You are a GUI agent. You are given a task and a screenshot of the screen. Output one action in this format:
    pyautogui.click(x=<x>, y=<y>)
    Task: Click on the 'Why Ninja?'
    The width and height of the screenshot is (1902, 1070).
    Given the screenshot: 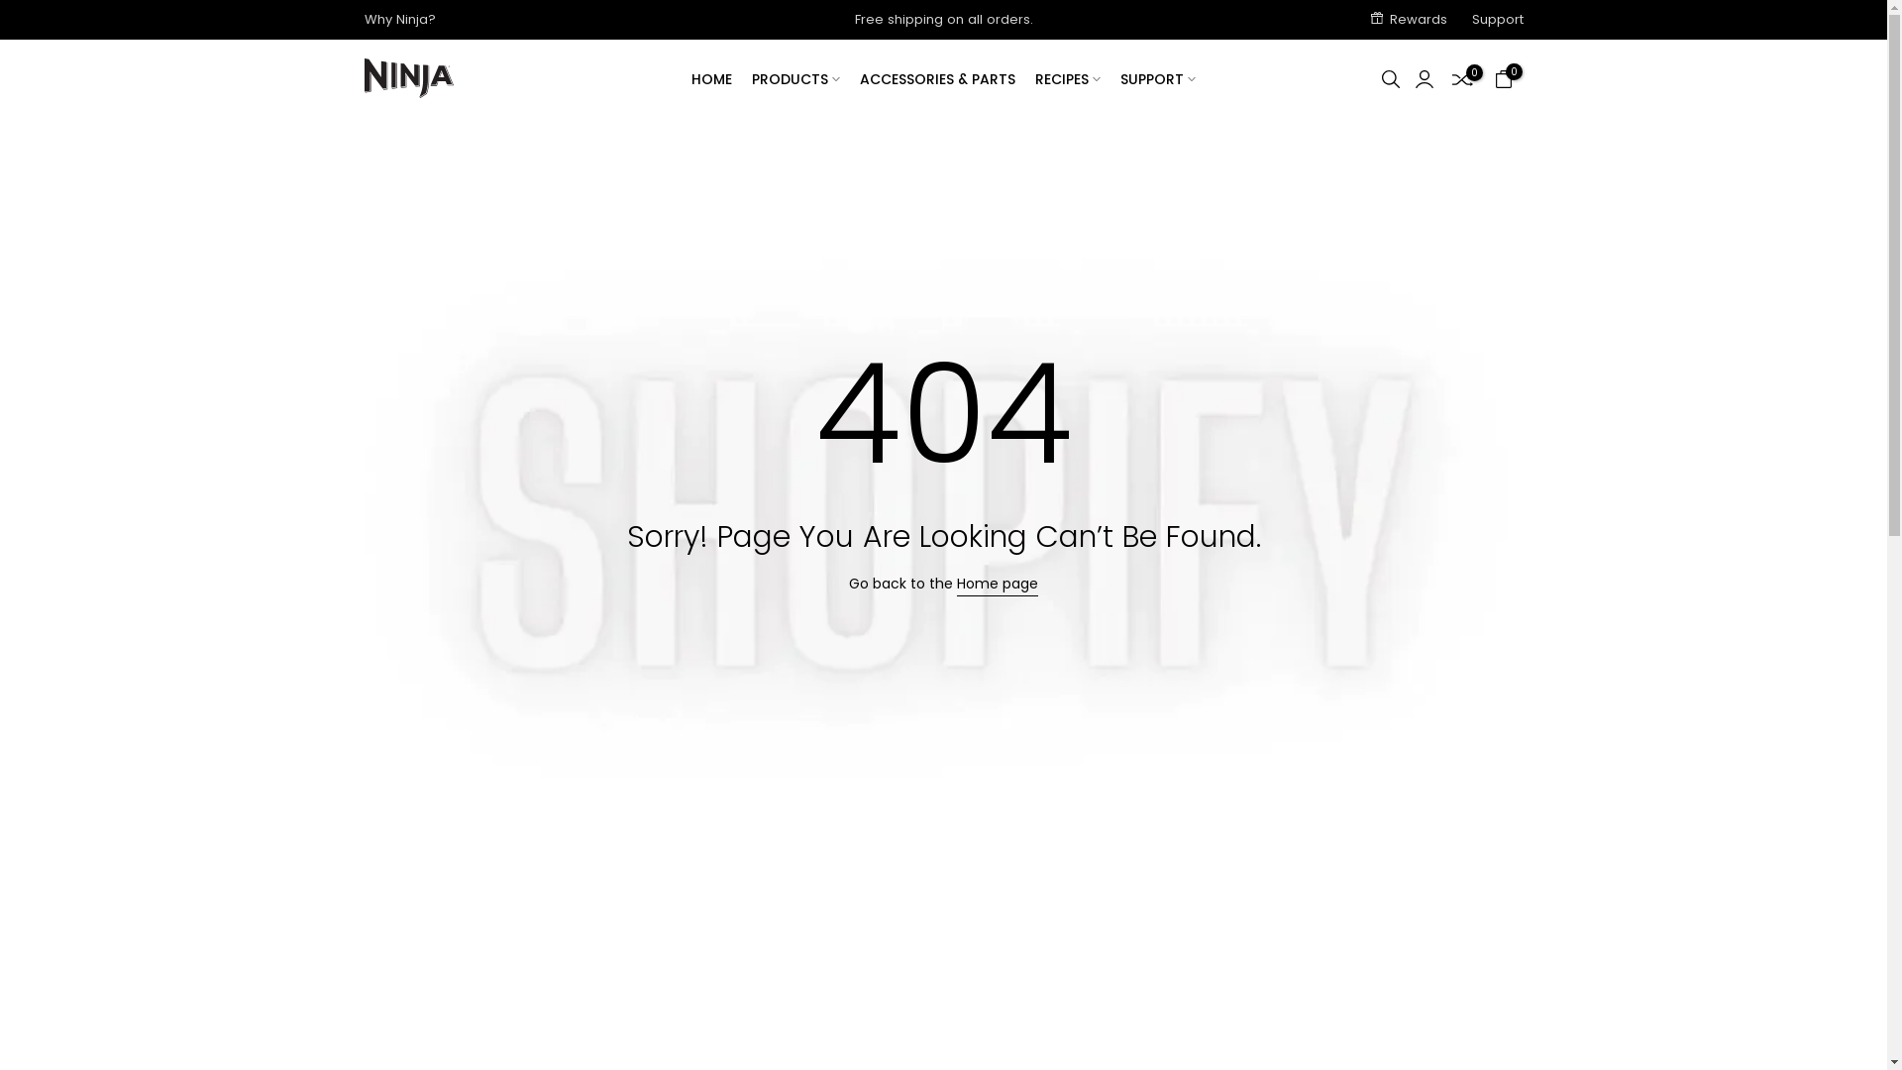 What is the action you would take?
    pyautogui.click(x=398, y=19)
    